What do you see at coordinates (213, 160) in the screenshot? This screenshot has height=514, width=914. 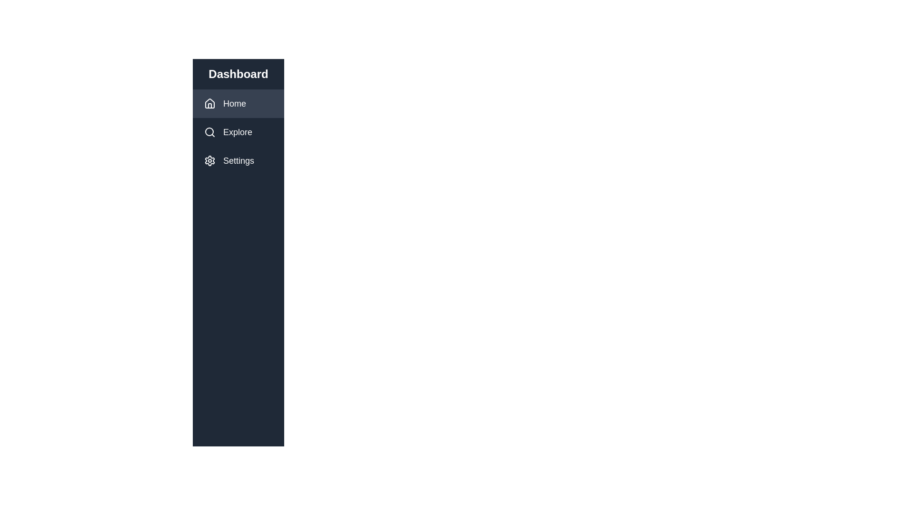 I see `the small gear icon, which represents settings, located to the left of the 'Settings' text in the vertical menu` at bounding box center [213, 160].